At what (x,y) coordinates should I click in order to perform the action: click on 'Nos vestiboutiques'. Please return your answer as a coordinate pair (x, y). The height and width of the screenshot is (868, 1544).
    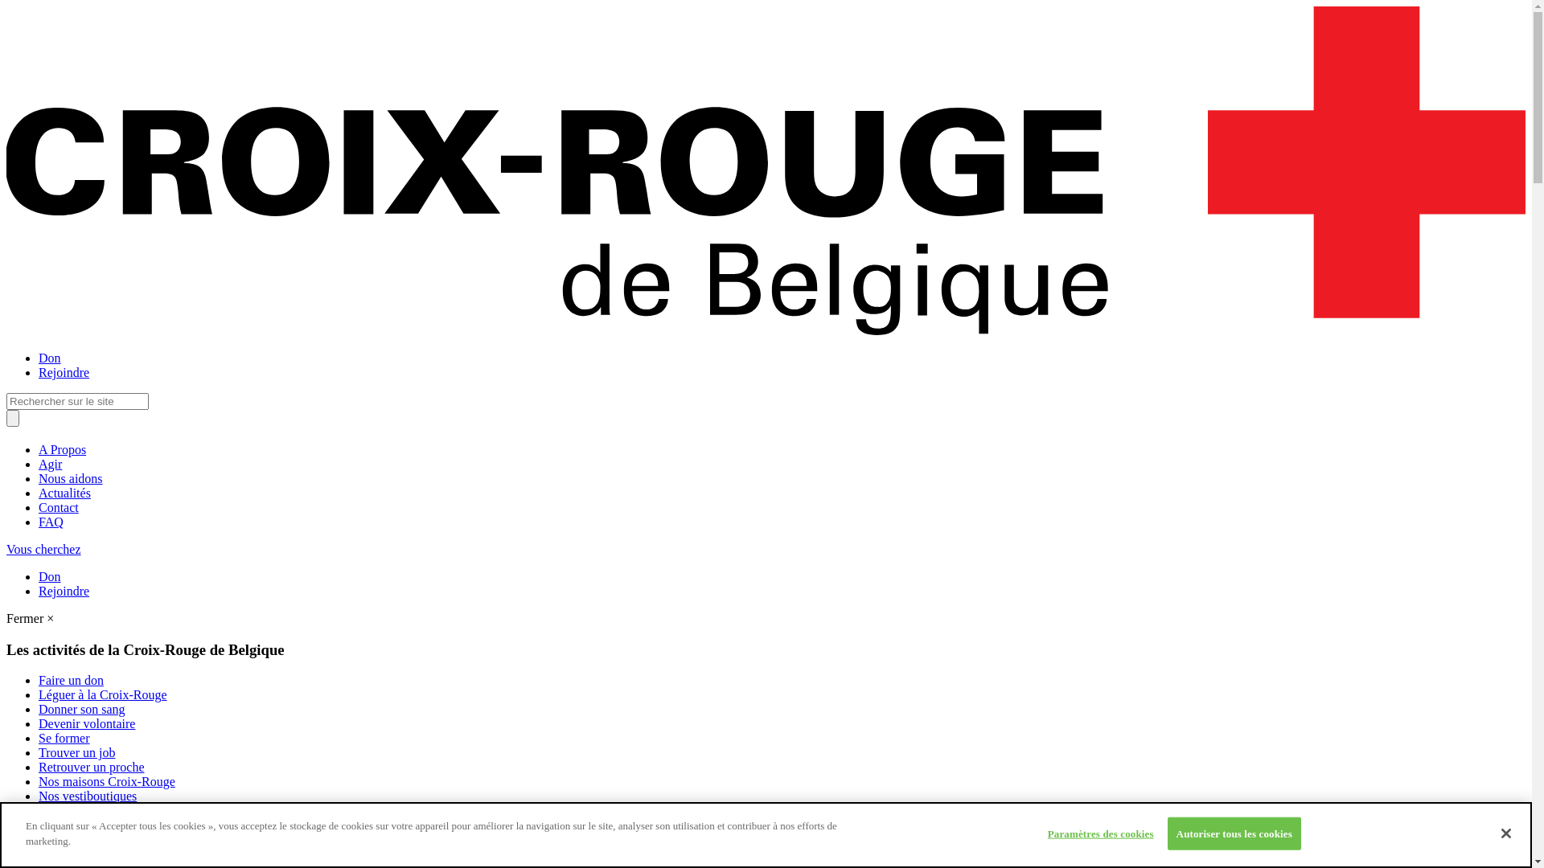
    Looking at the image, I should click on (87, 796).